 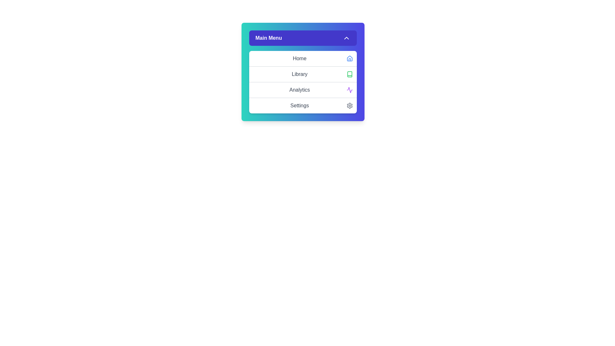 I want to click on the menu item labeled Home, so click(x=302, y=58).